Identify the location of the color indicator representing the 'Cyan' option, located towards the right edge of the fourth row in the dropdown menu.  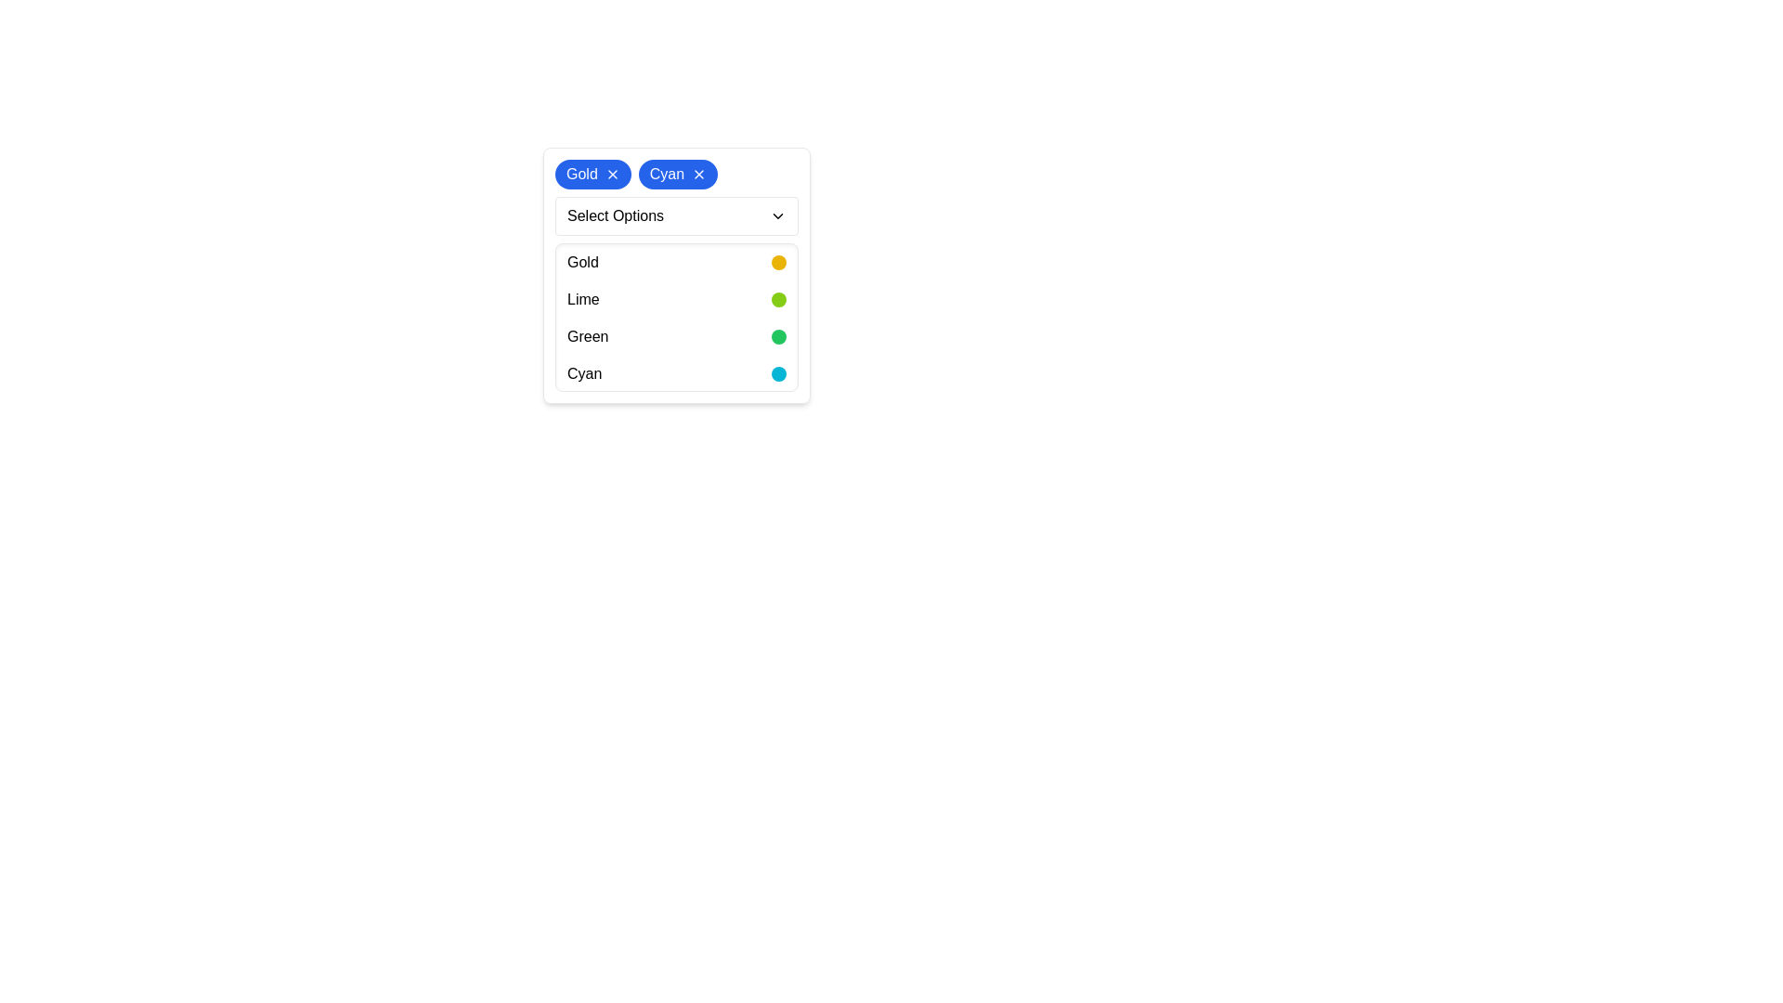
(779, 373).